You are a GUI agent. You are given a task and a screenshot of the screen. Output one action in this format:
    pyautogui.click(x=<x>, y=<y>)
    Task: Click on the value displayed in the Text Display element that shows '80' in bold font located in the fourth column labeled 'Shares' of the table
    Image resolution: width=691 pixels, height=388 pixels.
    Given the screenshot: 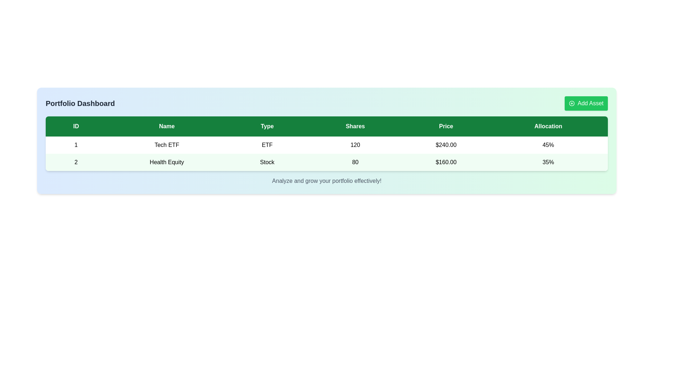 What is the action you would take?
    pyautogui.click(x=355, y=162)
    